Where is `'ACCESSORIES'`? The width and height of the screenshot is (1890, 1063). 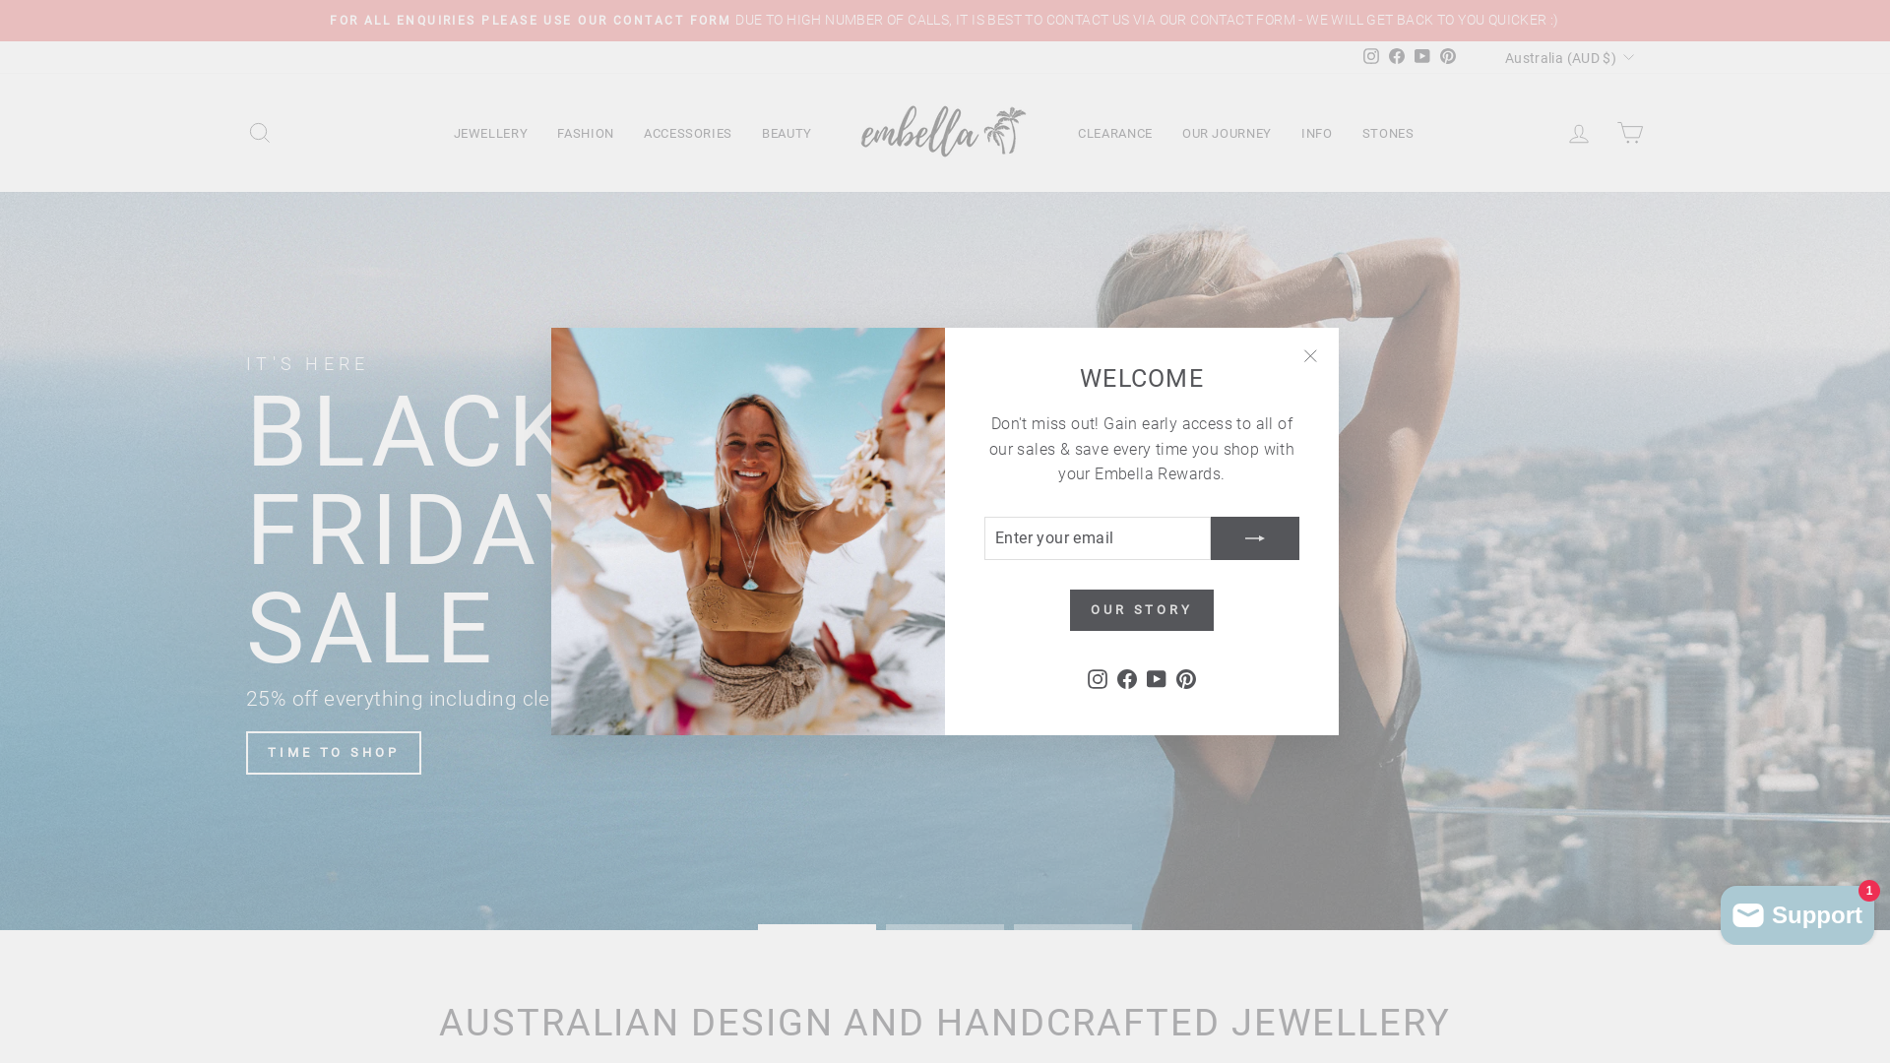 'ACCESSORIES' is located at coordinates (627, 133).